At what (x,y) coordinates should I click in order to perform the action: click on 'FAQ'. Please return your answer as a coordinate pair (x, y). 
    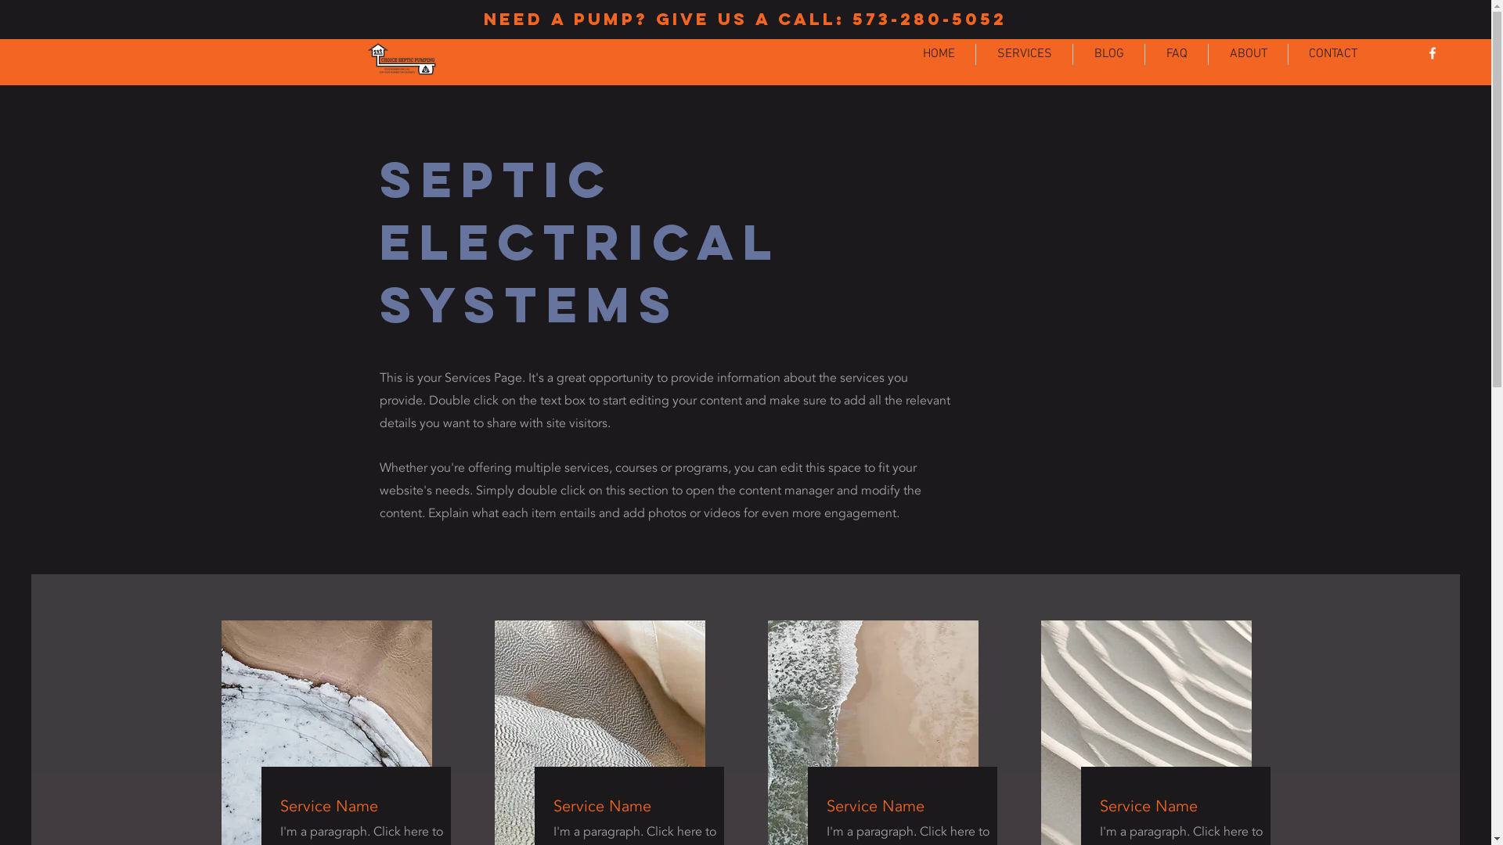
    Looking at the image, I should click on (1176, 53).